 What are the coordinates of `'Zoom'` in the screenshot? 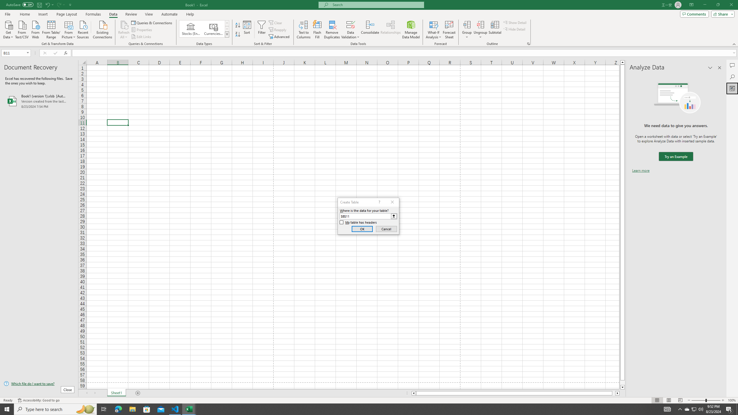 It's located at (705, 400).